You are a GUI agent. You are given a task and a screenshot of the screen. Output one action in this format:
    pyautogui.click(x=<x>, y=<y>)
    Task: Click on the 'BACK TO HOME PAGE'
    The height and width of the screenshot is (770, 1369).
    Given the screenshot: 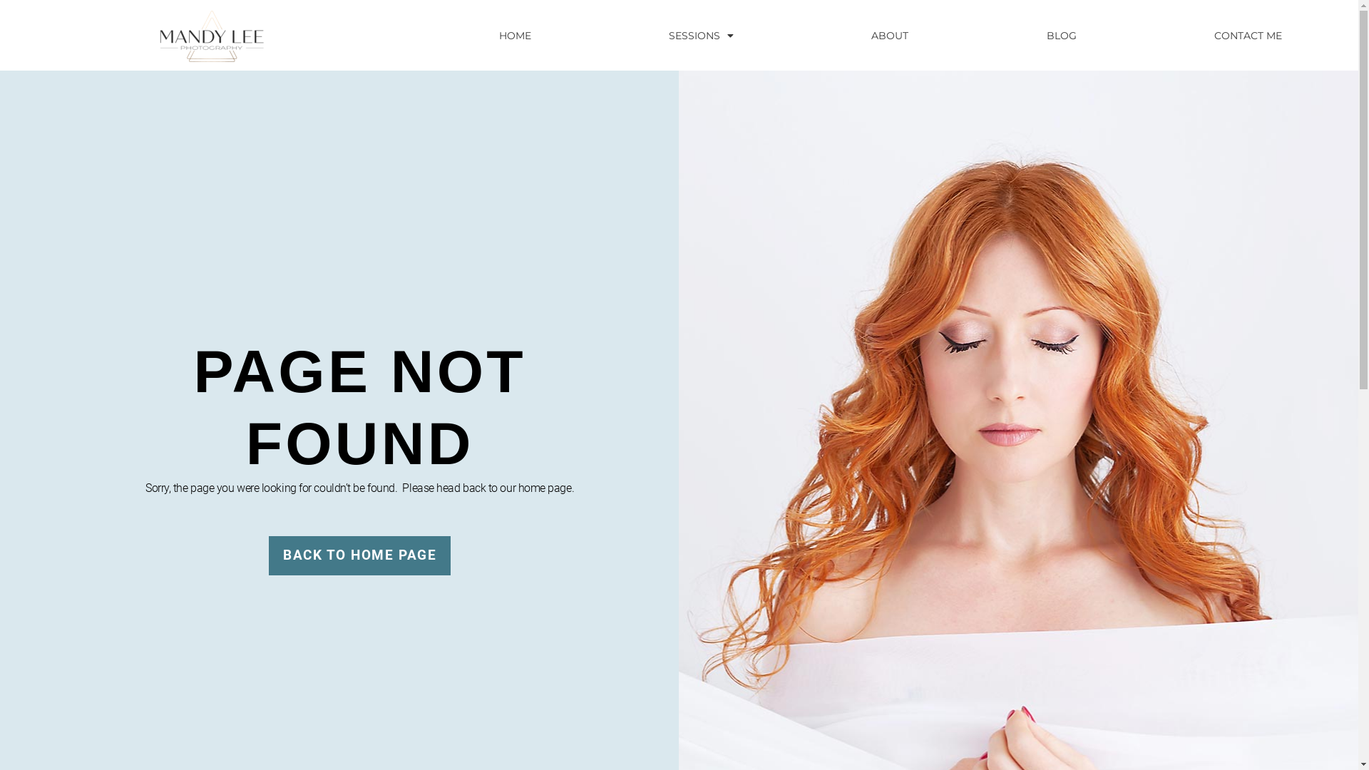 What is the action you would take?
    pyautogui.click(x=359, y=555)
    